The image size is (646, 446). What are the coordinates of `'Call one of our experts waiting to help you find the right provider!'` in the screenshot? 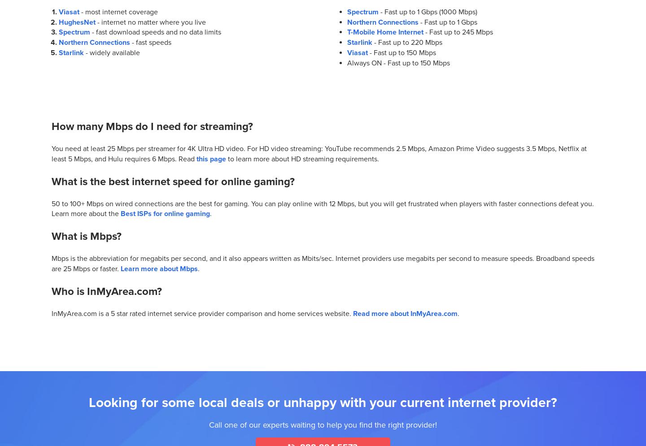 It's located at (323, 424).